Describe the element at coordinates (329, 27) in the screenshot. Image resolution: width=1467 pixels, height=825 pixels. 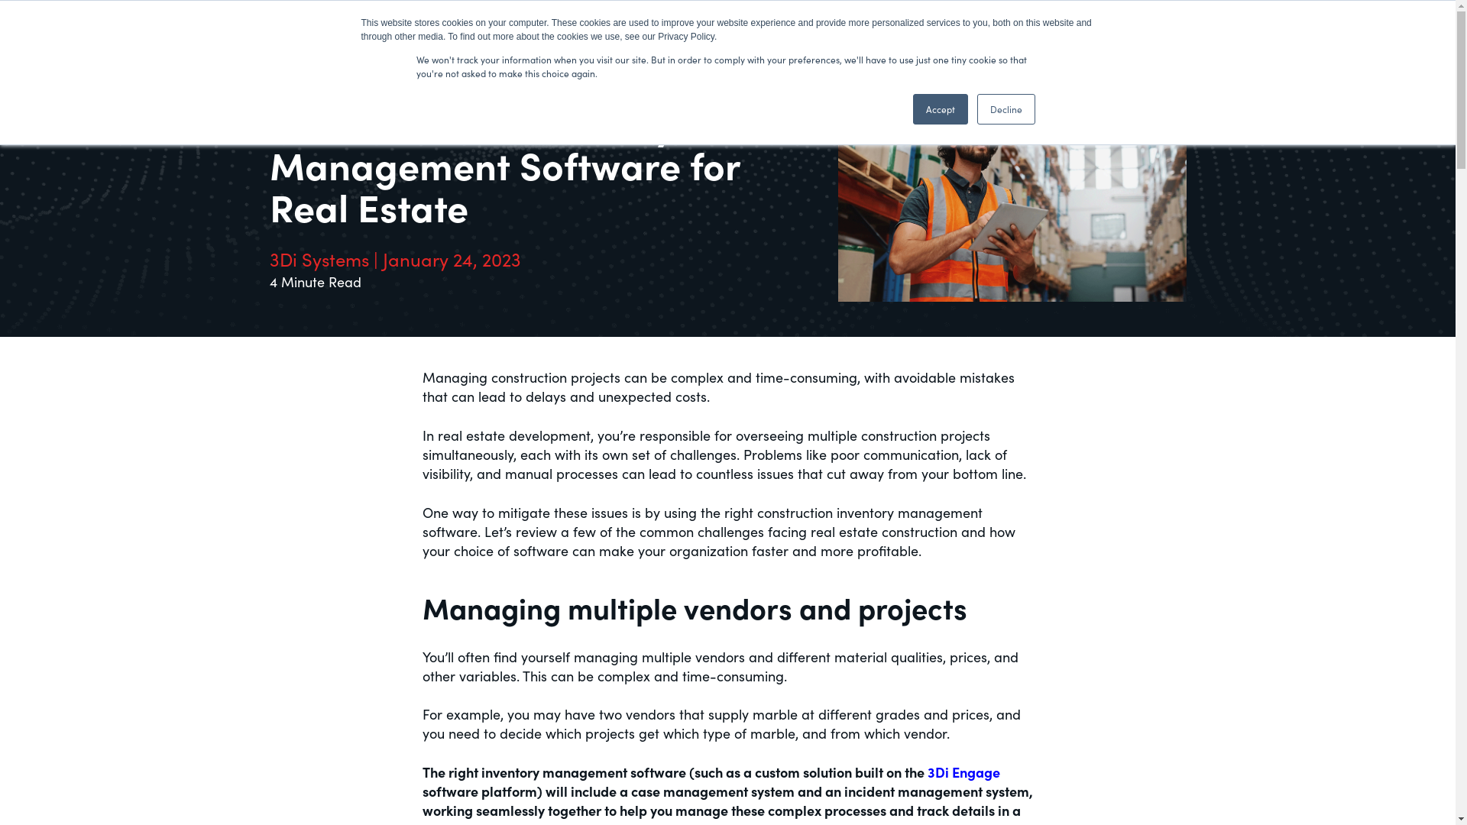
I see `'3Di-Insights'` at that location.